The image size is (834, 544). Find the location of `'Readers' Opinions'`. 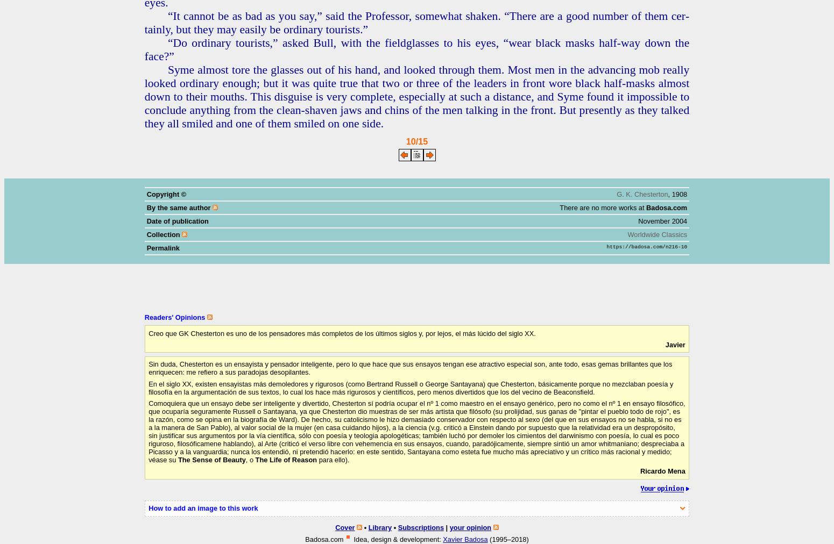

'Readers' Opinions' is located at coordinates (144, 317).